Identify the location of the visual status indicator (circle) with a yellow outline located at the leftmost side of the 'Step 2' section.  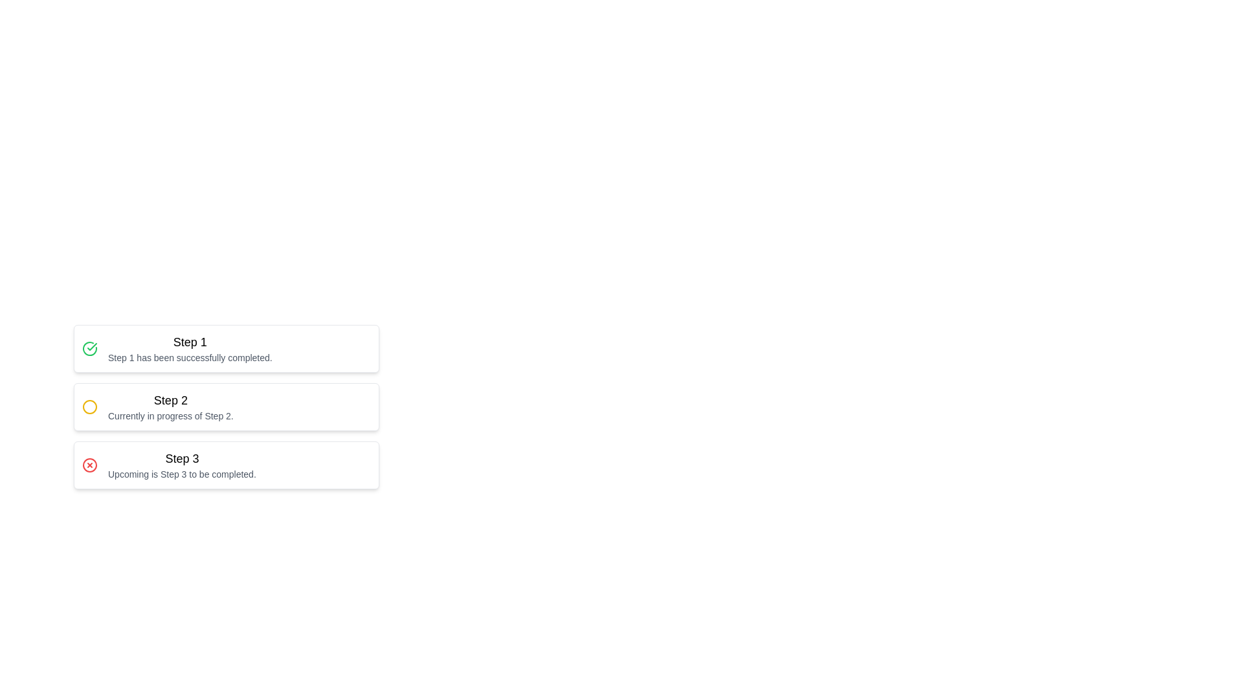
(89, 406).